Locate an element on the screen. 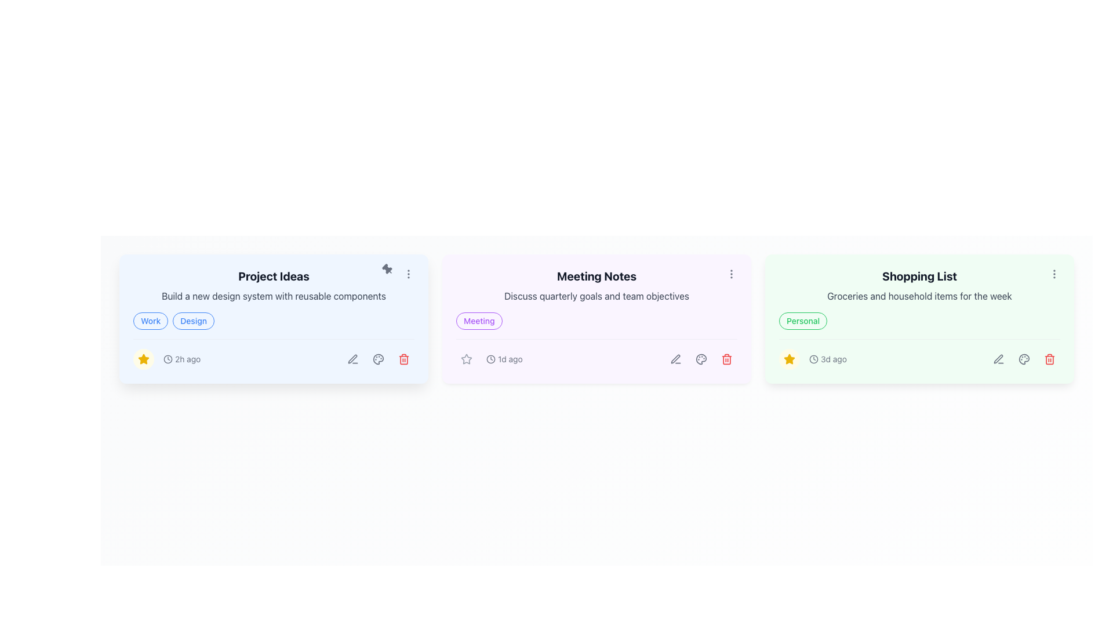 The width and height of the screenshot is (1113, 626). the timestamp text element located at the bottom left section of the 'Project Ideas' card, which follows the prominent star icon is located at coordinates (181, 359).